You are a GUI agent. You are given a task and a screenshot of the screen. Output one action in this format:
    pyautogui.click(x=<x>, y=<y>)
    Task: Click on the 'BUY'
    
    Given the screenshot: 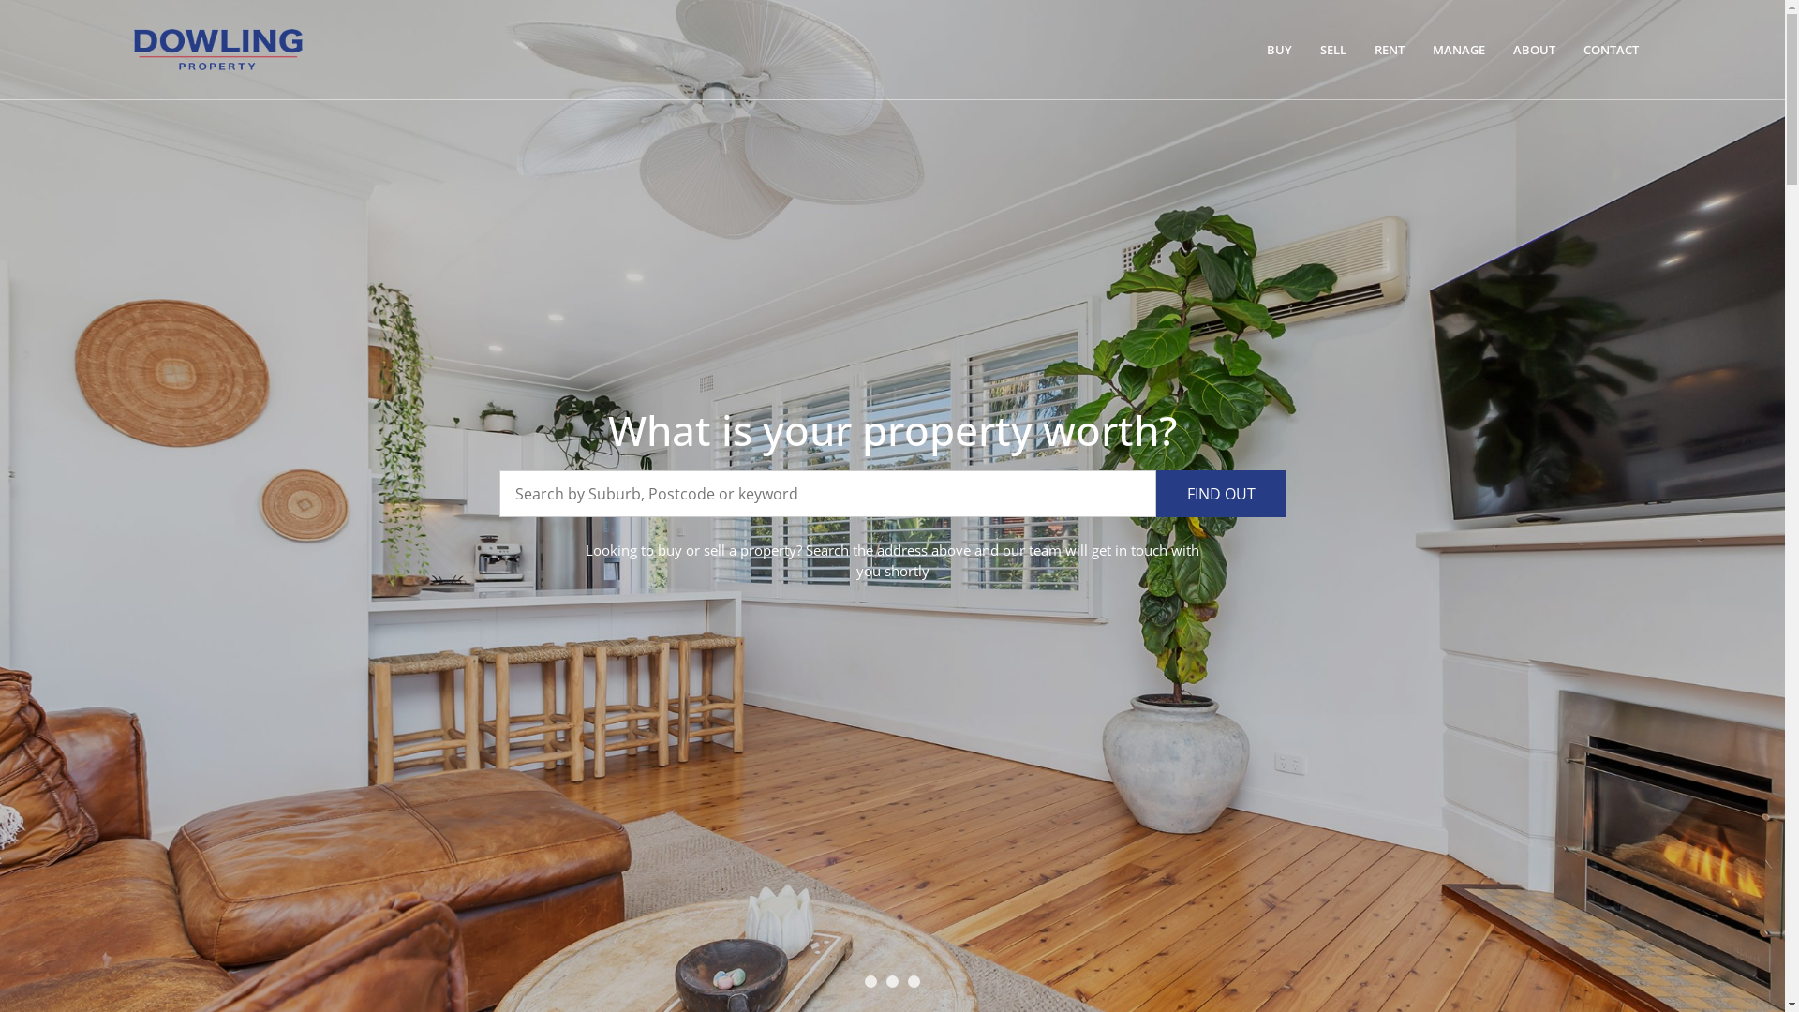 What is the action you would take?
    pyautogui.click(x=1278, y=49)
    